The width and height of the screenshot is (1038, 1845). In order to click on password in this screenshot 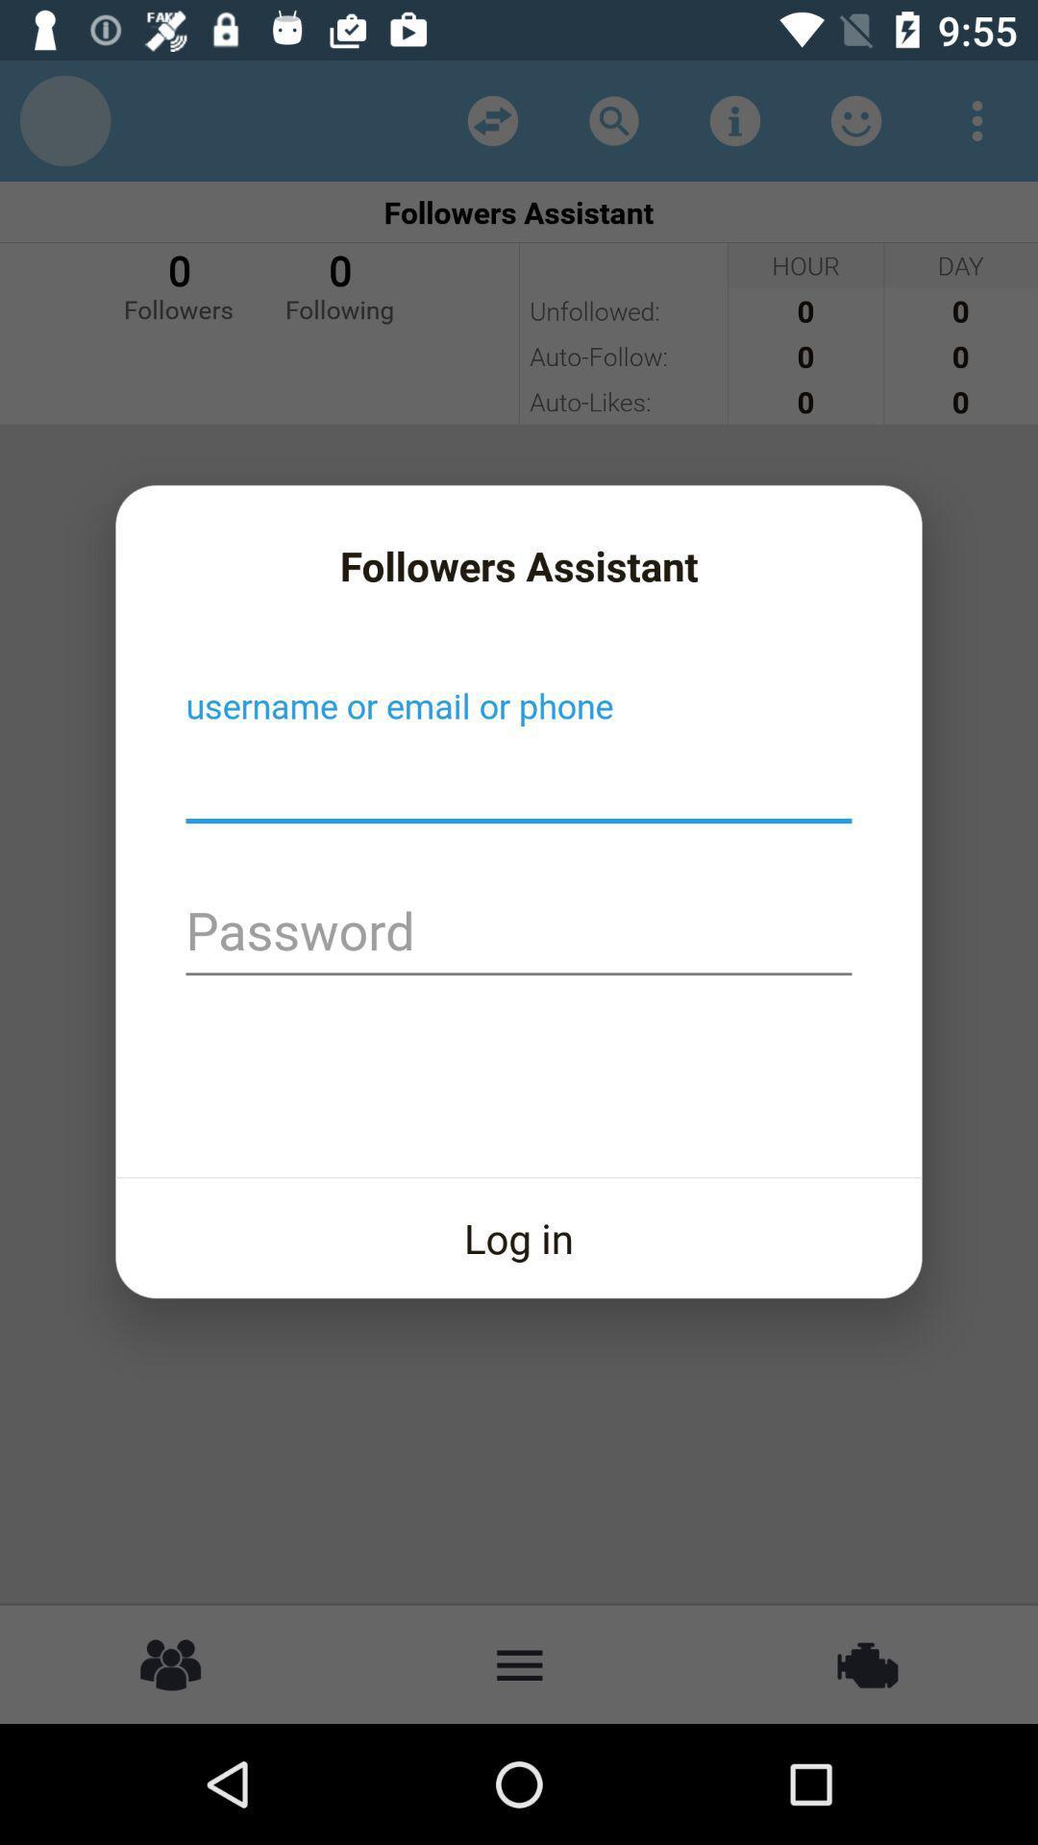, I will do `click(519, 933)`.